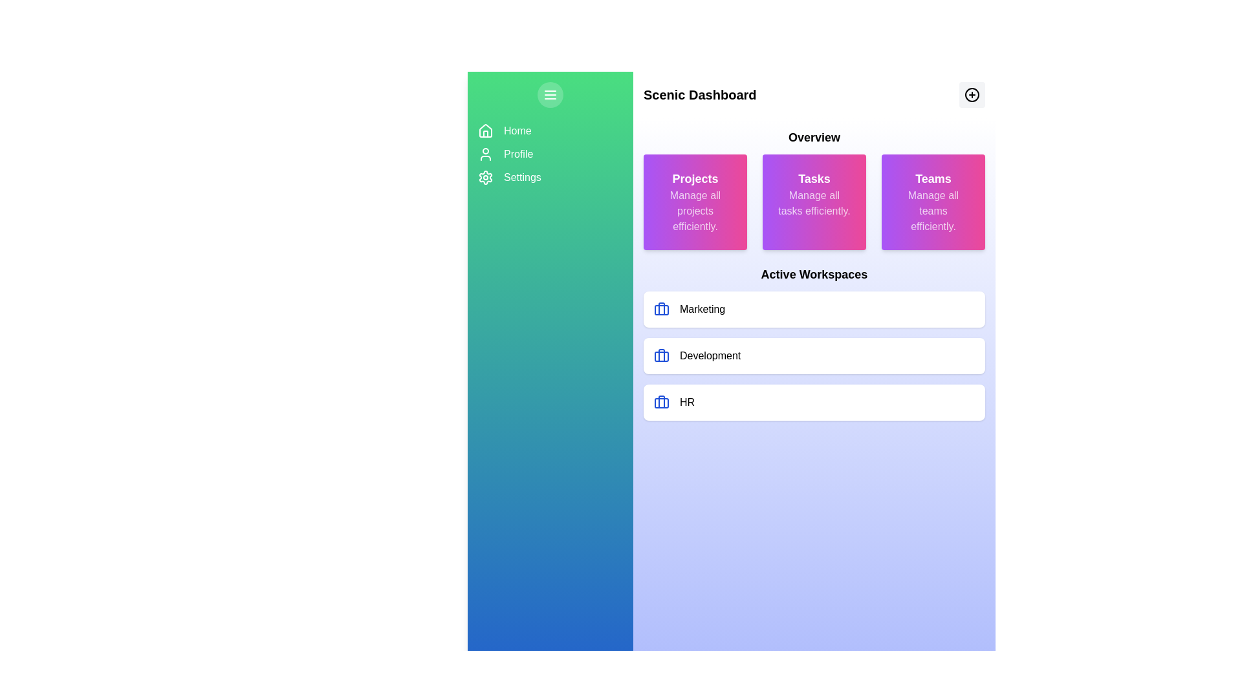 The width and height of the screenshot is (1242, 698). I want to click on the 'Home' icon graphic resembling a house located at the top of the left green panel, so click(485, 134).